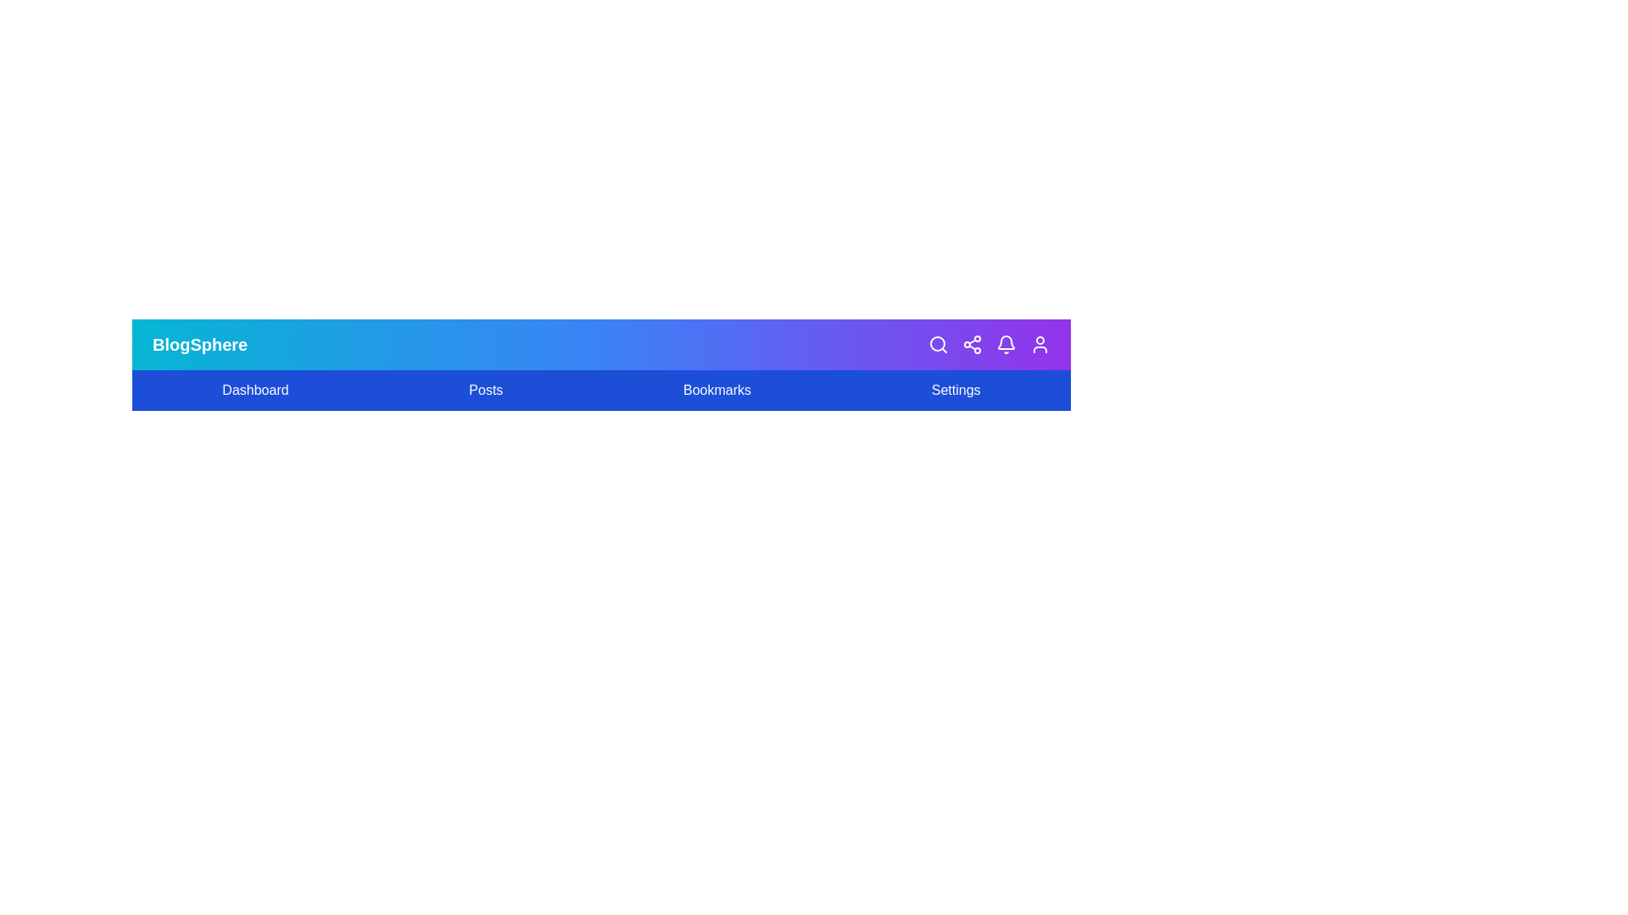 Image resolution: width=1628 pixels, height=915 pixels. I want to click on the share icon to share content, so click(973, 344).